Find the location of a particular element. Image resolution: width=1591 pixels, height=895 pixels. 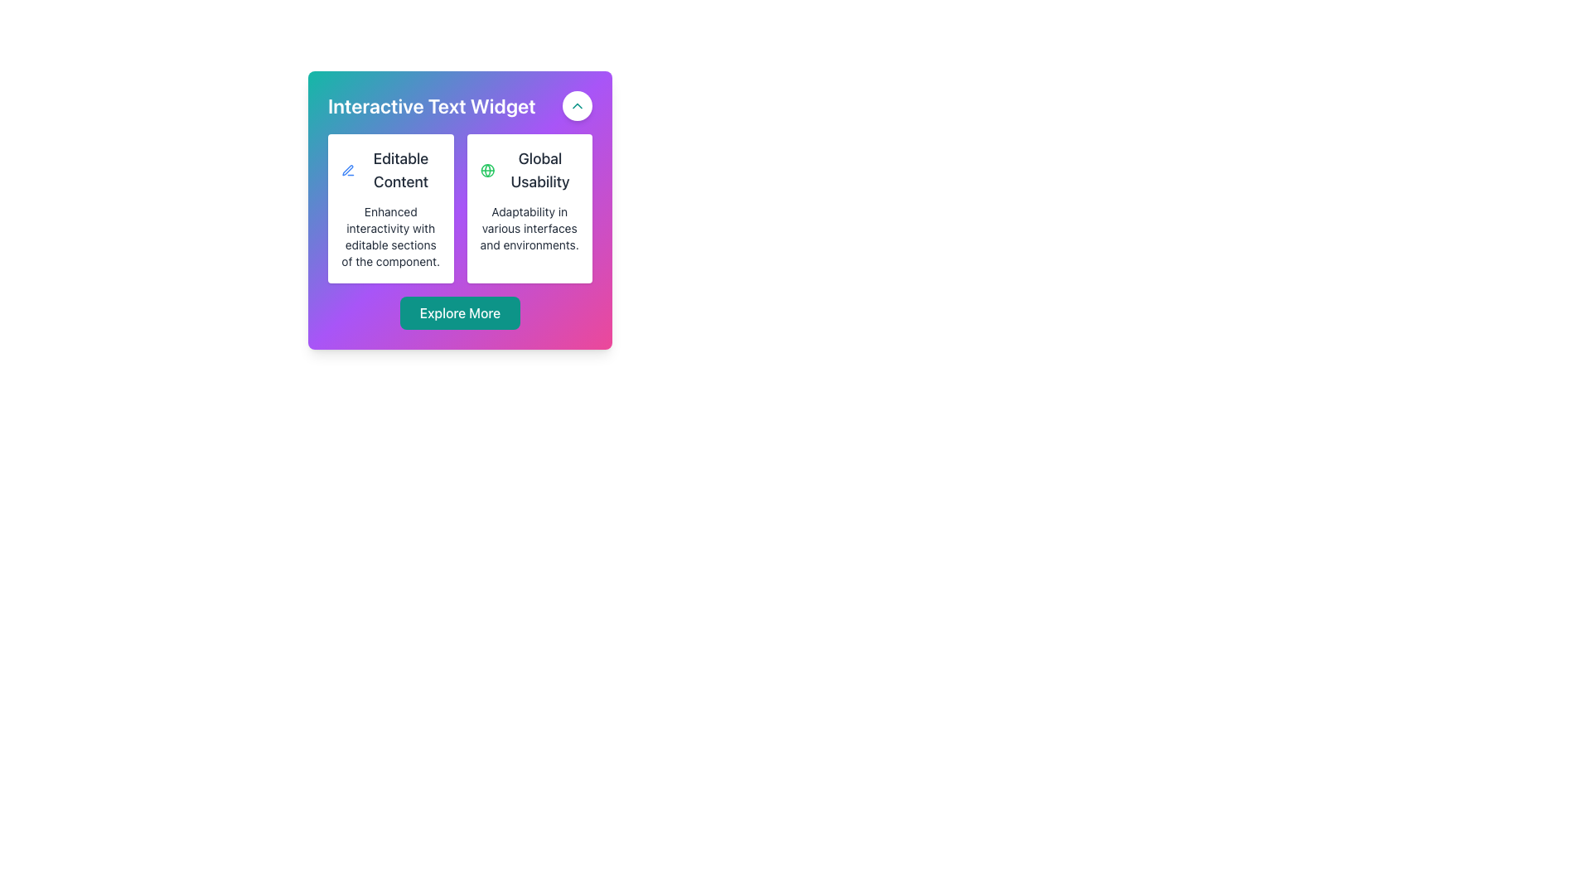

content inside the Information Card labeled 'Global Usability', which contains a green globe icon, a bold title, and a description about adaptability in various interfaces and environments is located at coordinates (529, 207).